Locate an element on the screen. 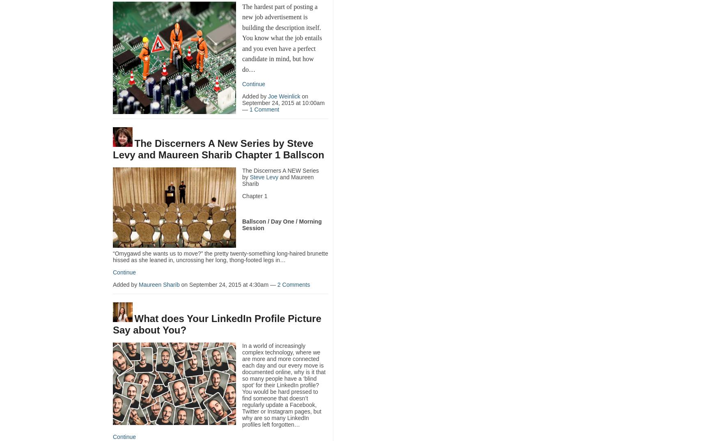 Image resolution: width=711 pixels, height=441 pixels. 'Chapter 1' is located at coordinates (255, 196).